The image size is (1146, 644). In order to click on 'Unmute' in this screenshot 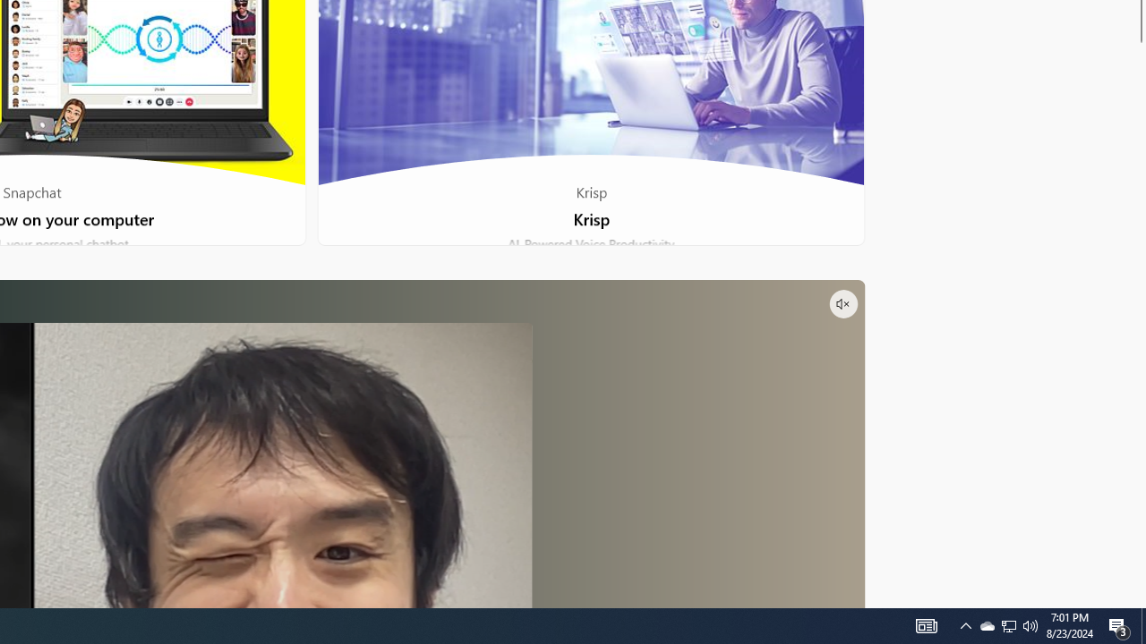, I will do `click(842, 302)`.